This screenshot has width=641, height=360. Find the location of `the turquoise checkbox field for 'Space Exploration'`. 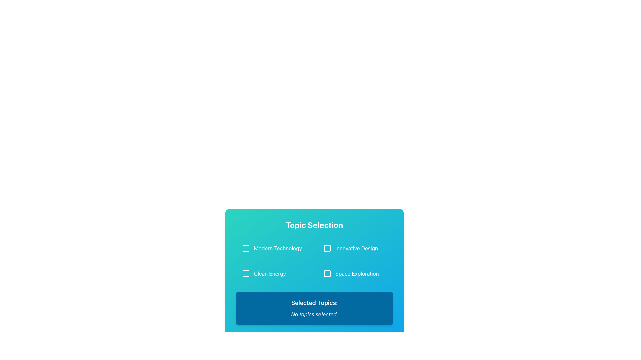

the turquoise checkbox field for 'Space Exploration' is located at coordinates (327, 274).